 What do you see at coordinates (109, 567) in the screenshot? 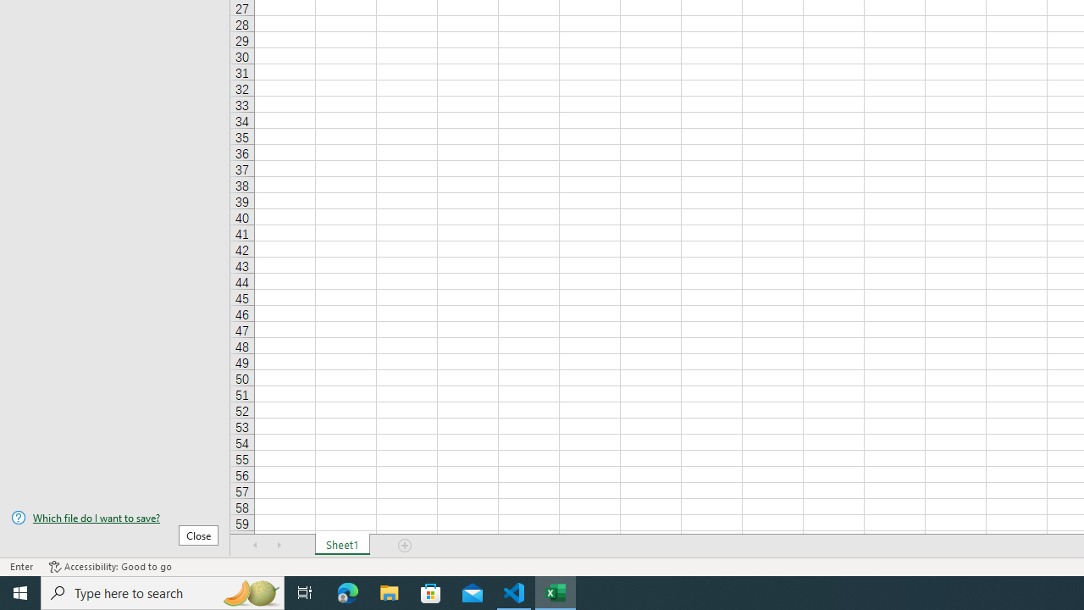
I see `'Accessibility Checker Accessibility: Good to go'` at bounding box center [109, 567].